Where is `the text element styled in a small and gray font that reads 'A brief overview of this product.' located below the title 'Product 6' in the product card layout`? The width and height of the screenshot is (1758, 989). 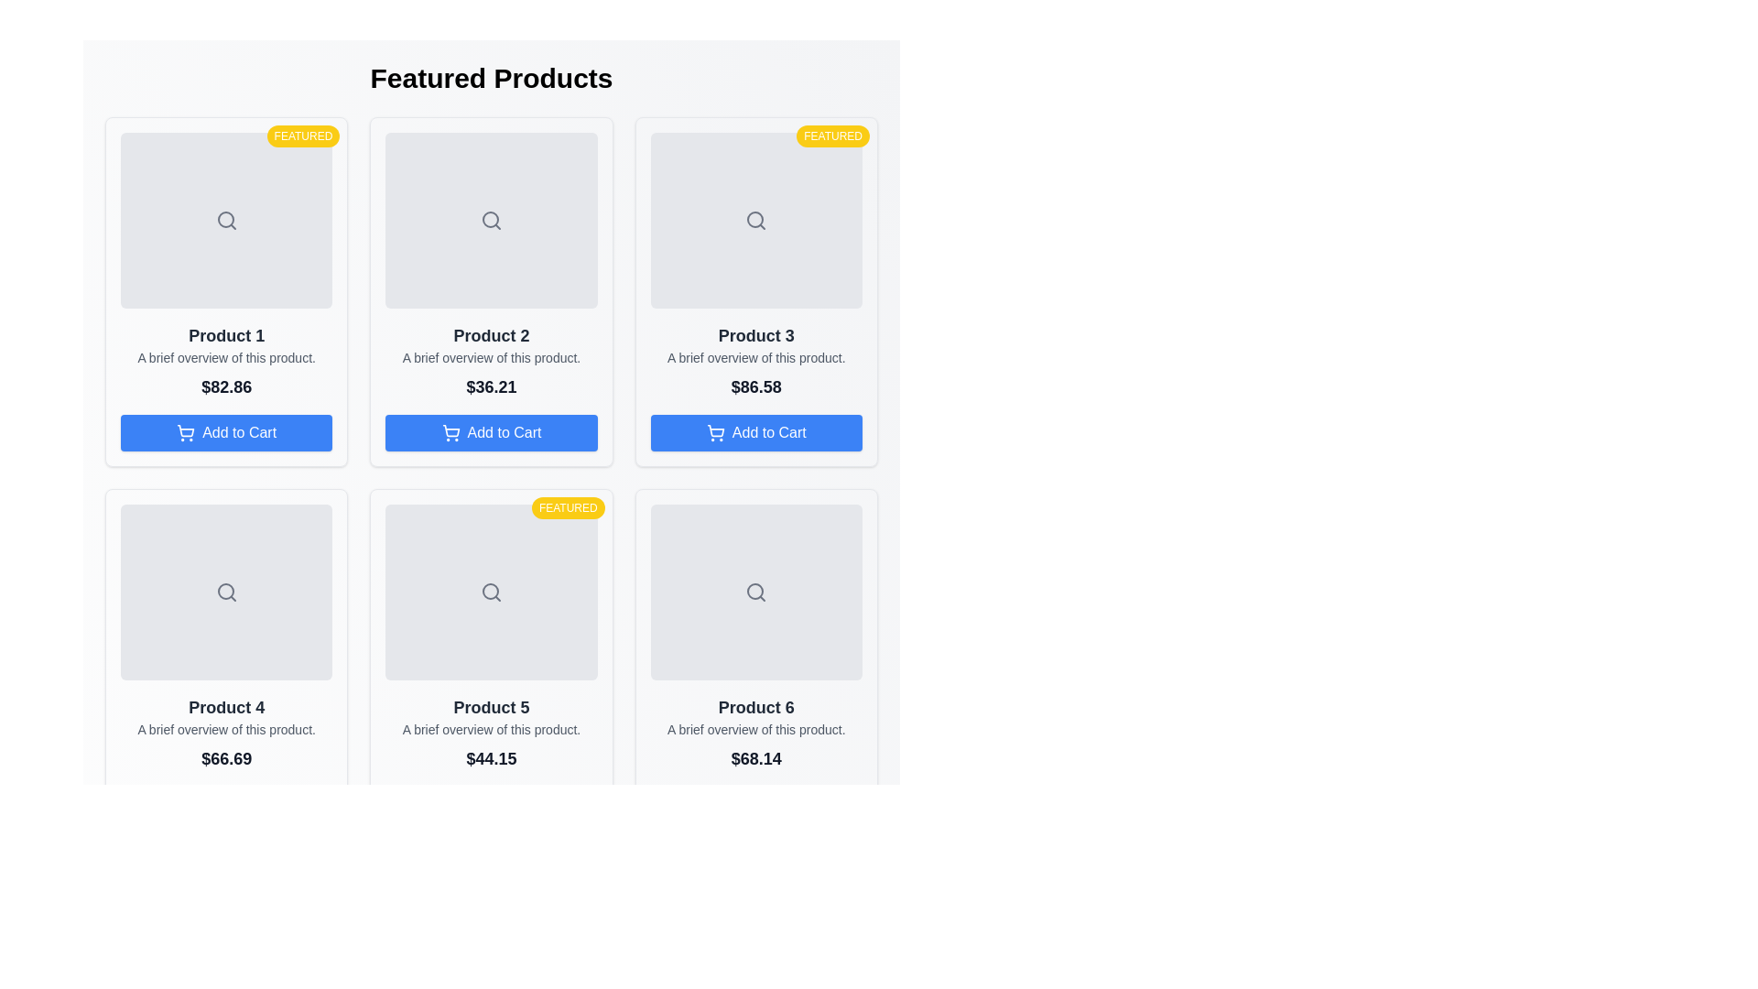
the text element styled in a small and gray font that reads 'A brief overview of this product.' located below the title 'Product 6' in the product card layout is located at coordinates (756, 729).